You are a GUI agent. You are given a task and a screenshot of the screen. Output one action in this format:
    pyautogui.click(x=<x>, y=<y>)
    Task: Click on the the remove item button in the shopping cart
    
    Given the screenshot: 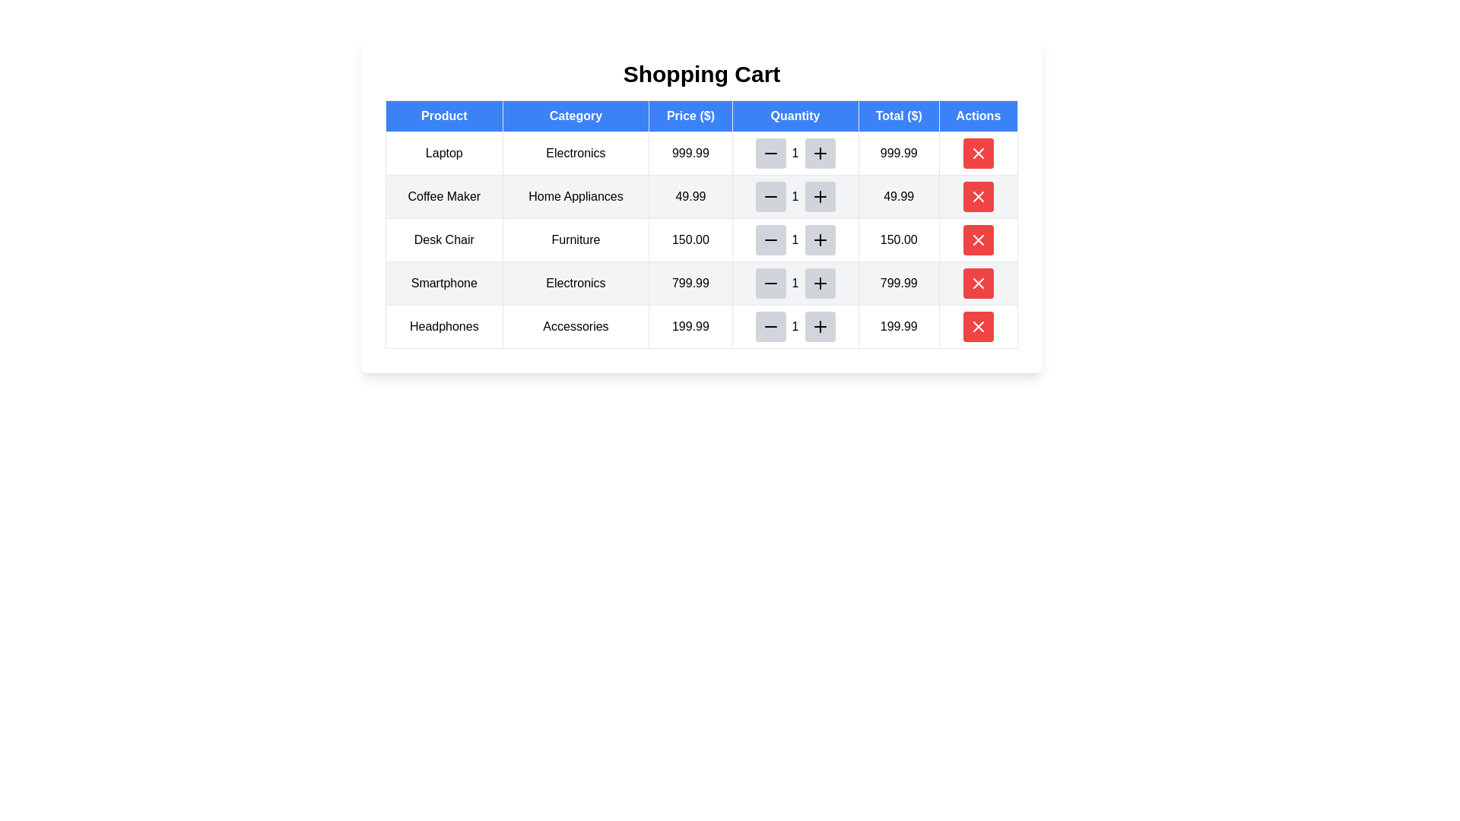 What is the action you would take?
    pyautogui.click(x=978, y=153)
    